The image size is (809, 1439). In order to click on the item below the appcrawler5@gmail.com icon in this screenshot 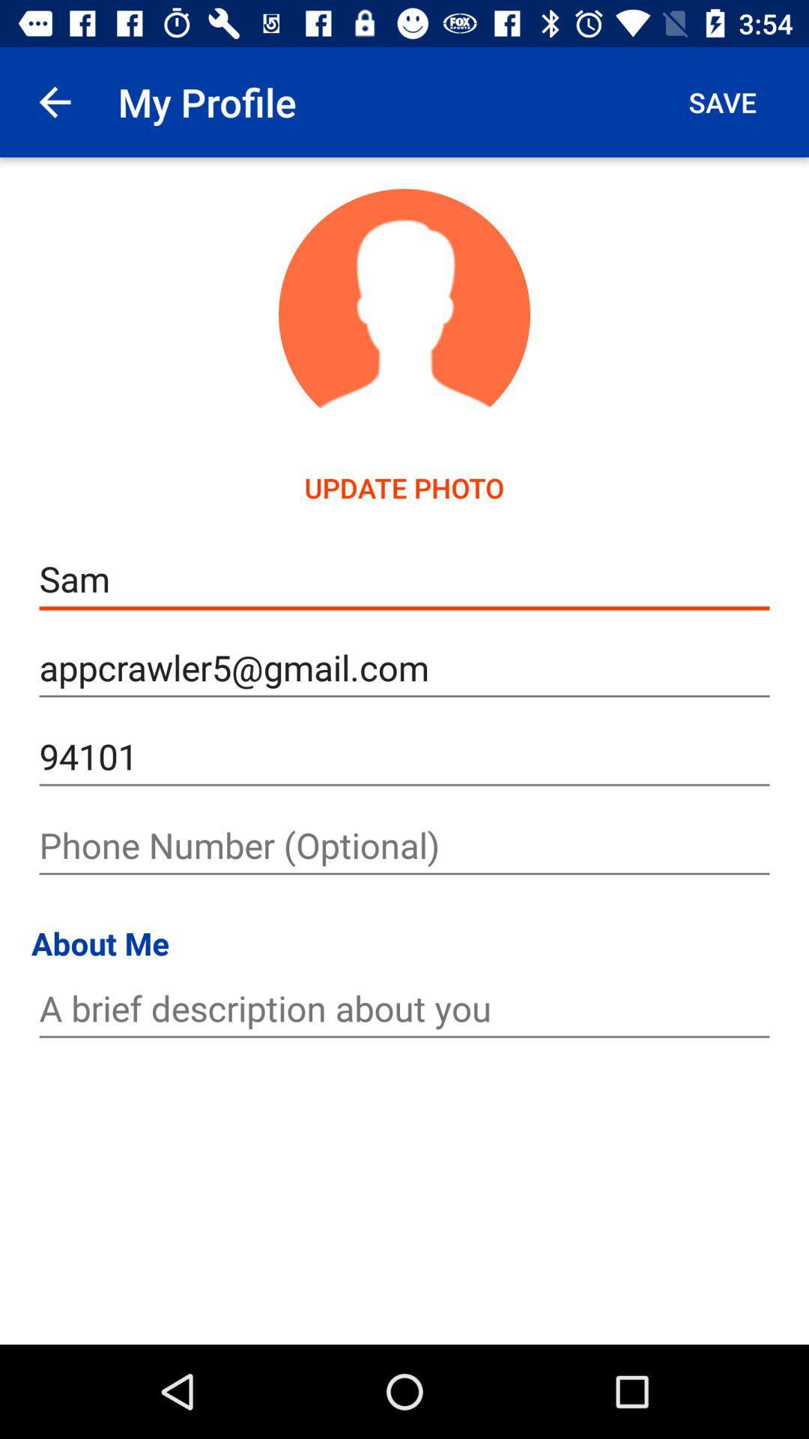, I will do `click(404, 757)`.